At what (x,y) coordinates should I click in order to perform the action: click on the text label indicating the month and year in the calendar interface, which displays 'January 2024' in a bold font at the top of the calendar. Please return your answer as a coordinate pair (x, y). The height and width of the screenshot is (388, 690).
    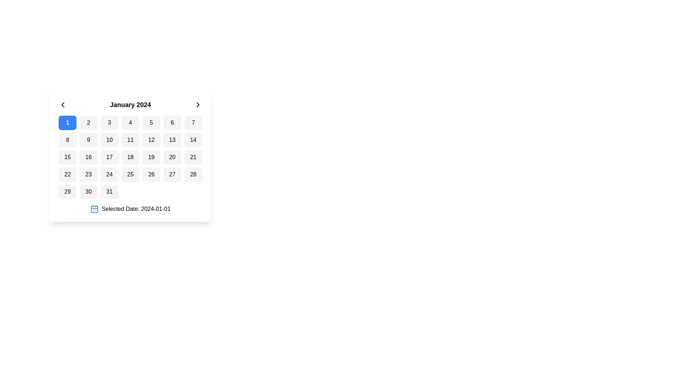
    Looking at the image, I should click on (130, 105).